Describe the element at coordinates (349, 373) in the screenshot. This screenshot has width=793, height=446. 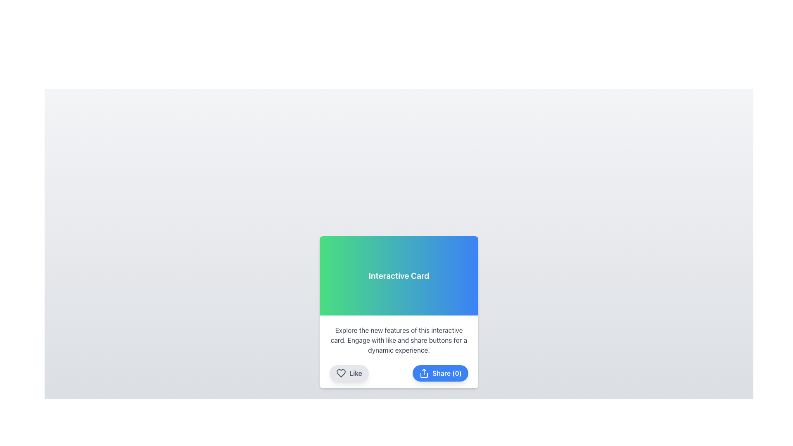
I see `the 'Like' button, which has a heart icon and is the leftmost button in its group, located near the bottom-center of the interactive card` at that location.